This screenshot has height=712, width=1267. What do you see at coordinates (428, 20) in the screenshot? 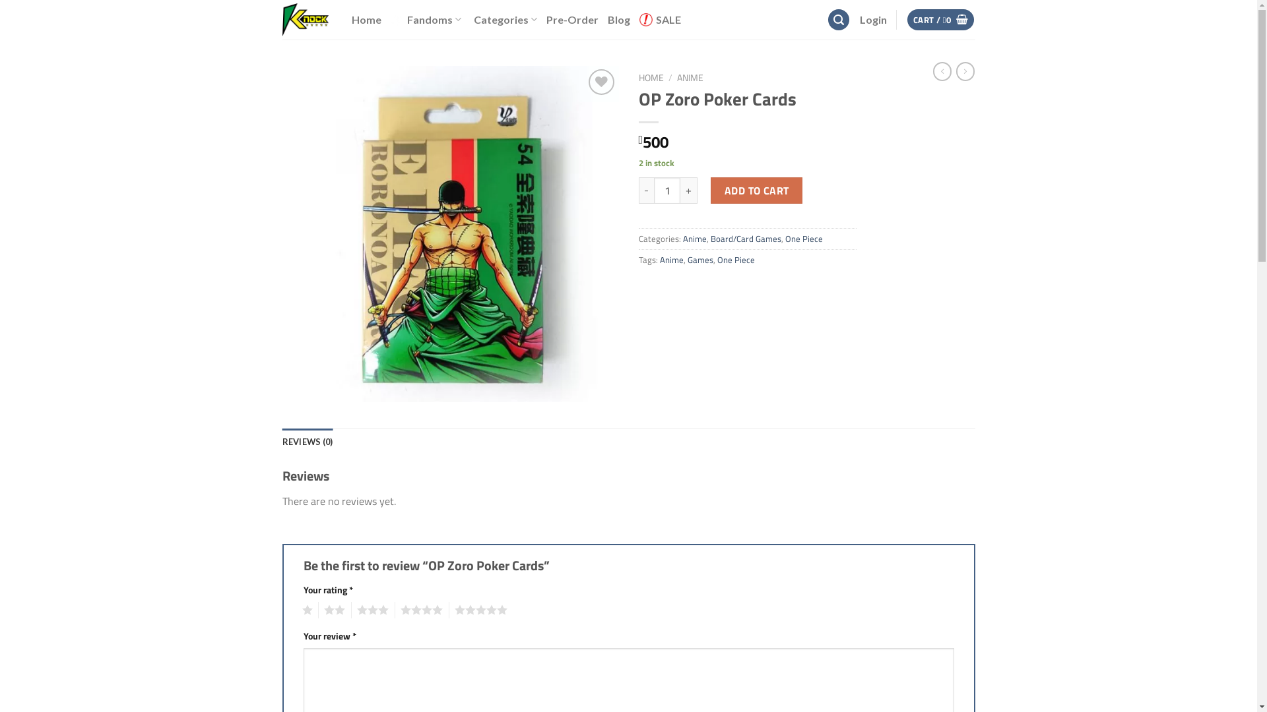
I see `'Fandoms'` at bounding box center [428, 20].